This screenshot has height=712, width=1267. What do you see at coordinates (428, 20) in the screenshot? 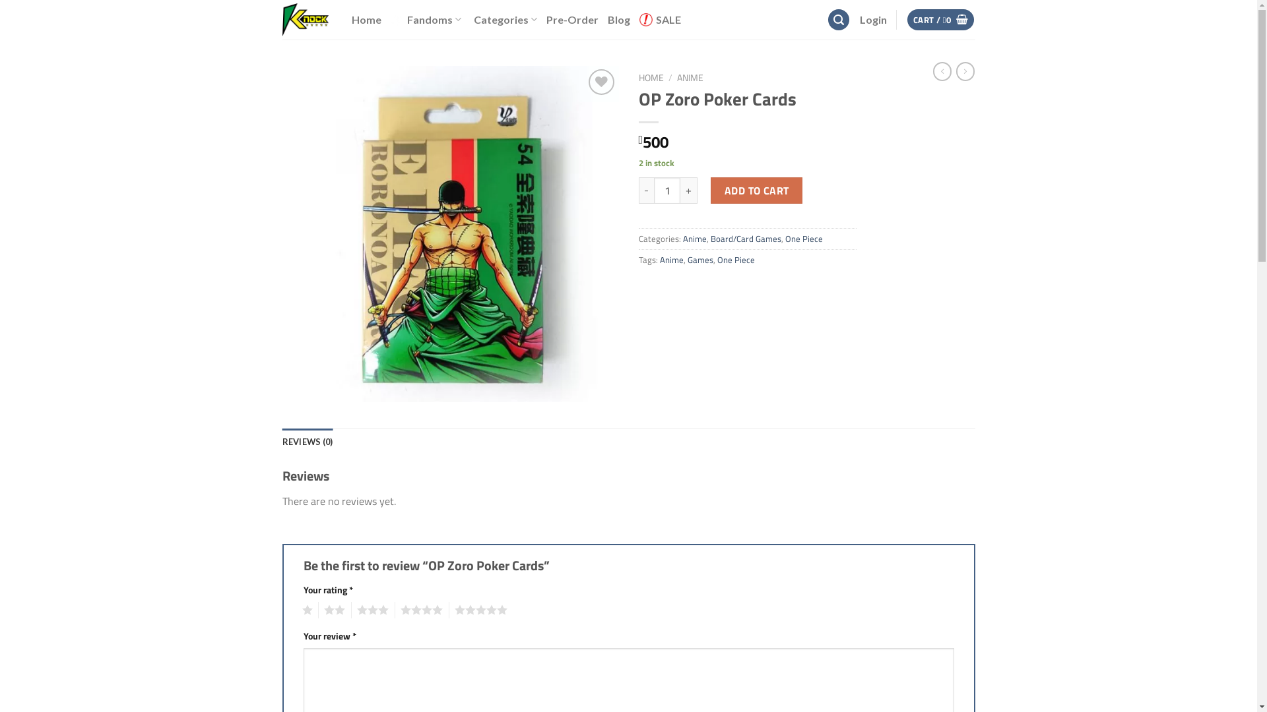
I see `'Fandoms'` at bounding box center [428, 20].